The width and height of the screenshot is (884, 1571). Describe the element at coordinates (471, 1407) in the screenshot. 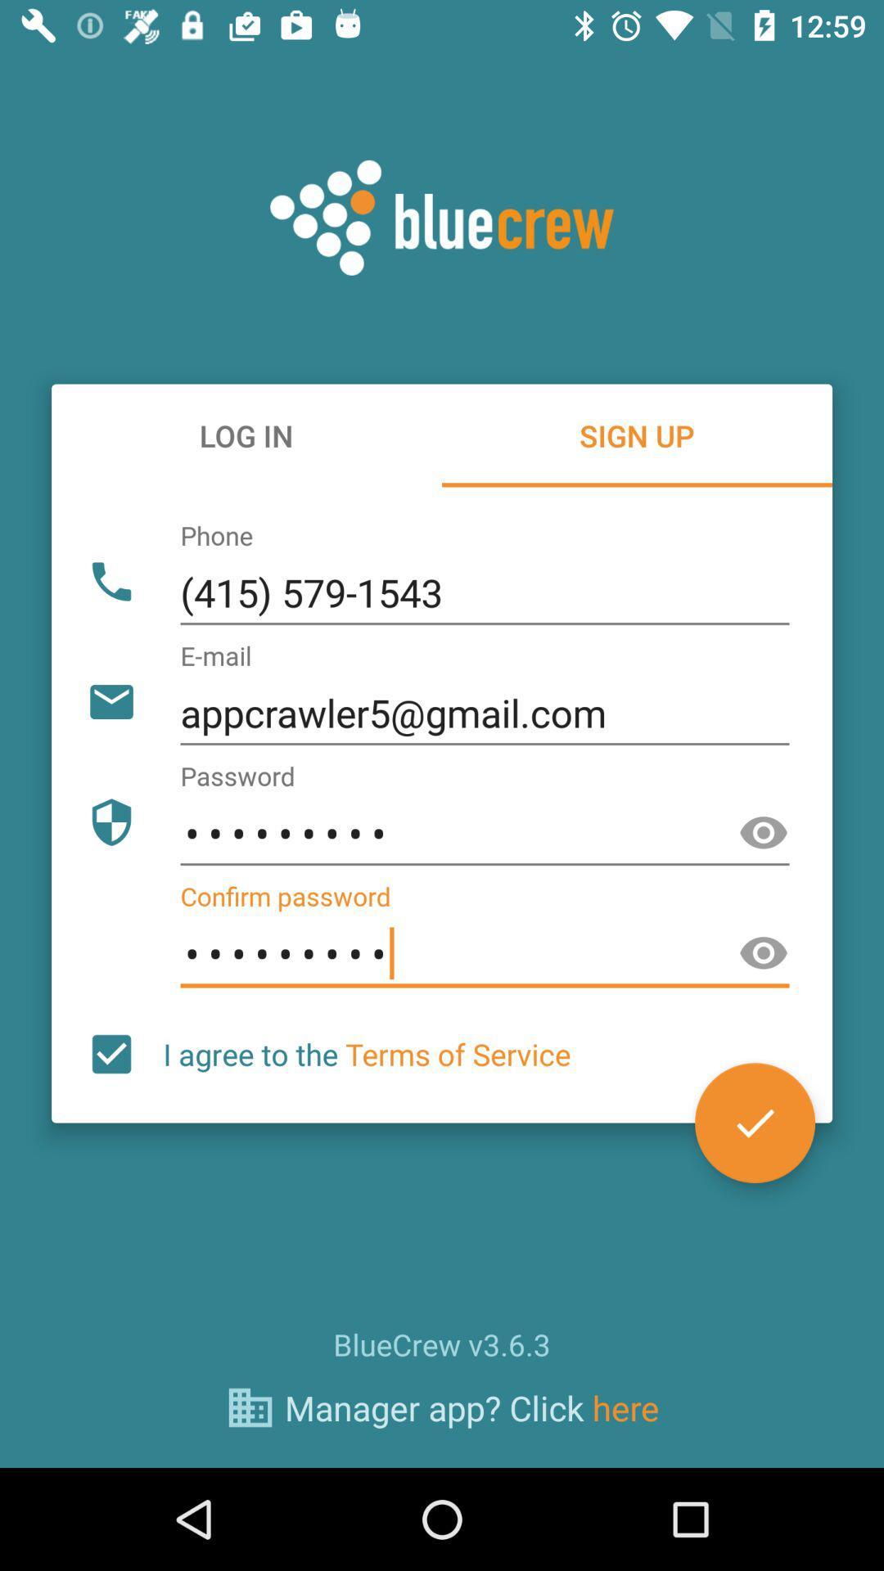

I see `the manager app click item` at that location.